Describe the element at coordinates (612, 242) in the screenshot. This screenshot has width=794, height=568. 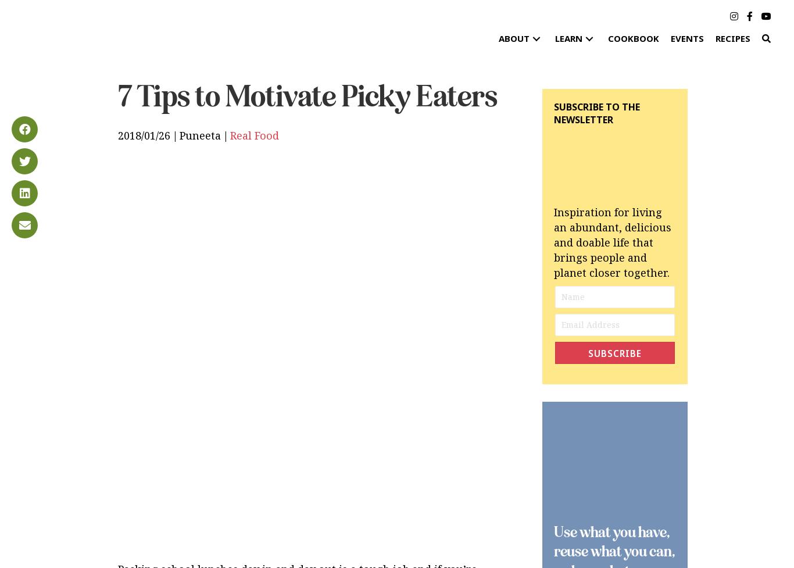
I see `'Inspiration for living an abundant, delicious and doable life that brings people and planet closer together.'` at that location.